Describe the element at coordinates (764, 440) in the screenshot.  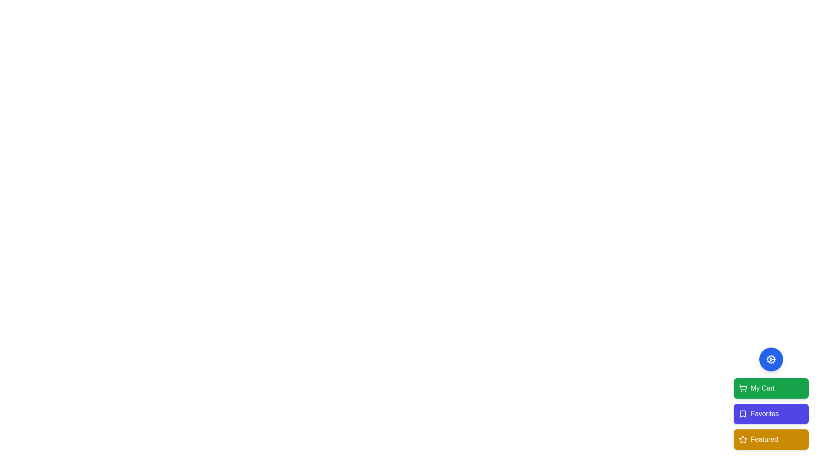
I see `'Featured' text label, which is part of a button with a yellow background and a star icon on its left, located at the right side of the interface` at that location.